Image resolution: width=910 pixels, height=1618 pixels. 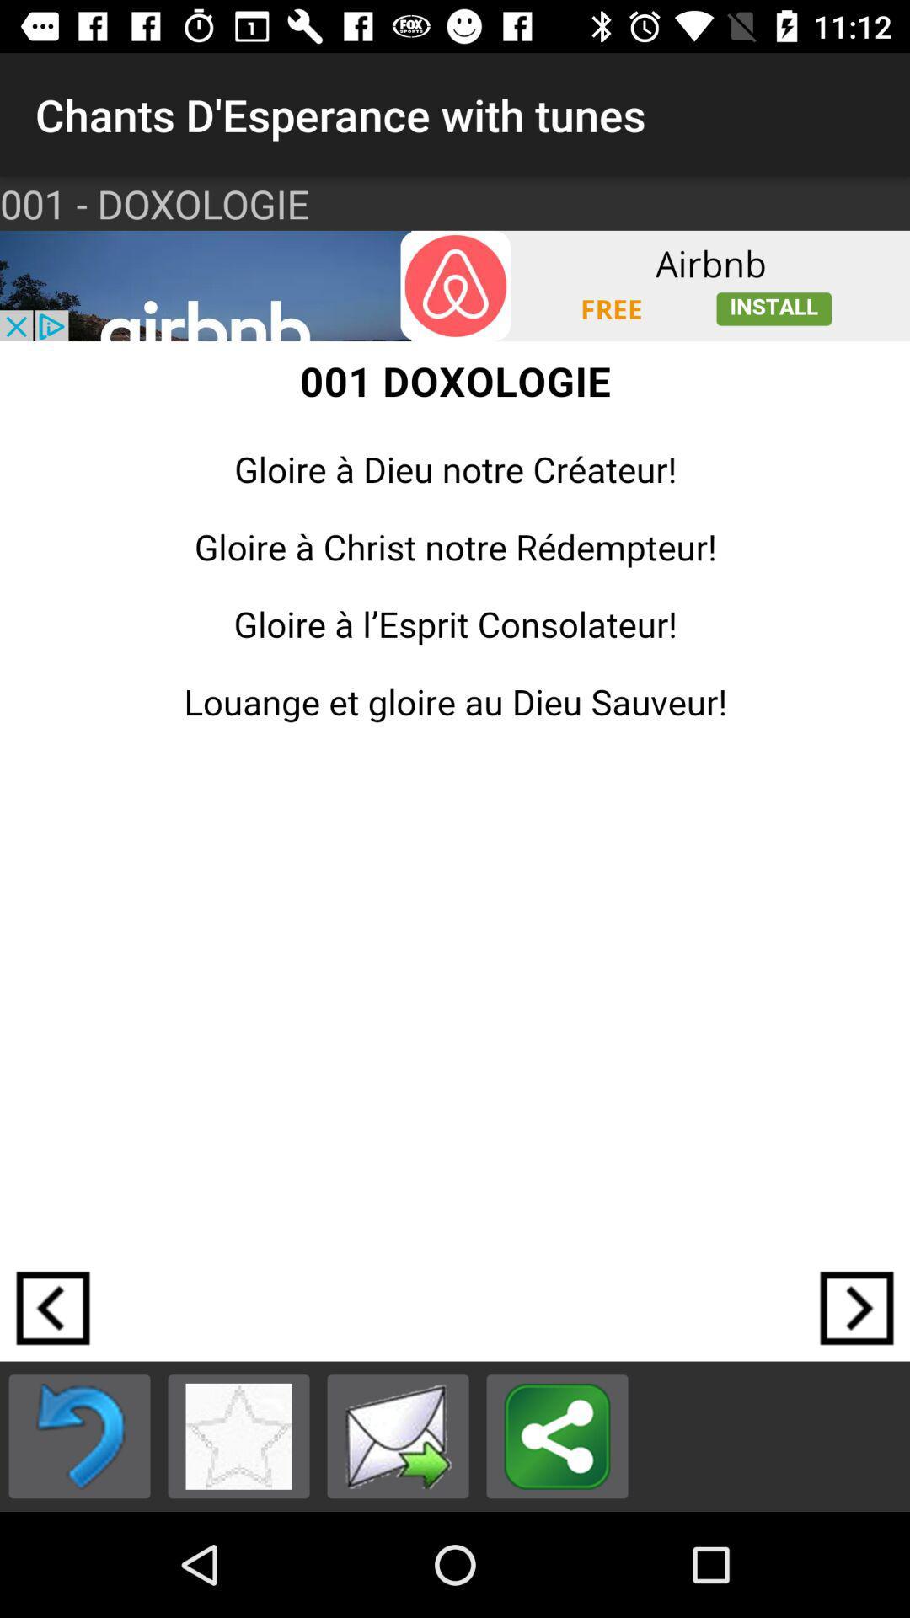 What do you see at coordinates (398, 1435) in the screenshot?
I see `the email icon` at bounding box center [398, 1435].